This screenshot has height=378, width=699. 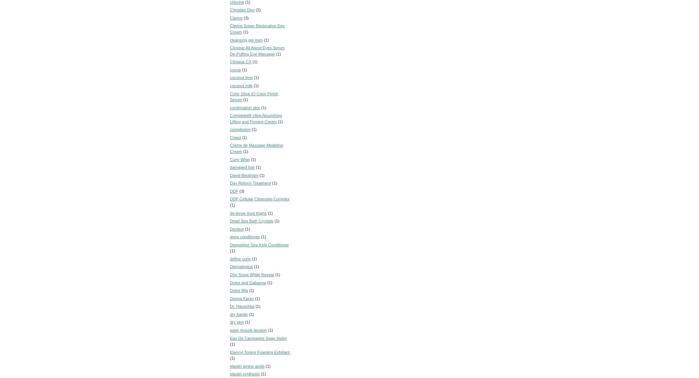 What do you see at coordinates (240, 159) in the screenshot?
I see `'Curly Whip'` at bounding box center [240, 159].